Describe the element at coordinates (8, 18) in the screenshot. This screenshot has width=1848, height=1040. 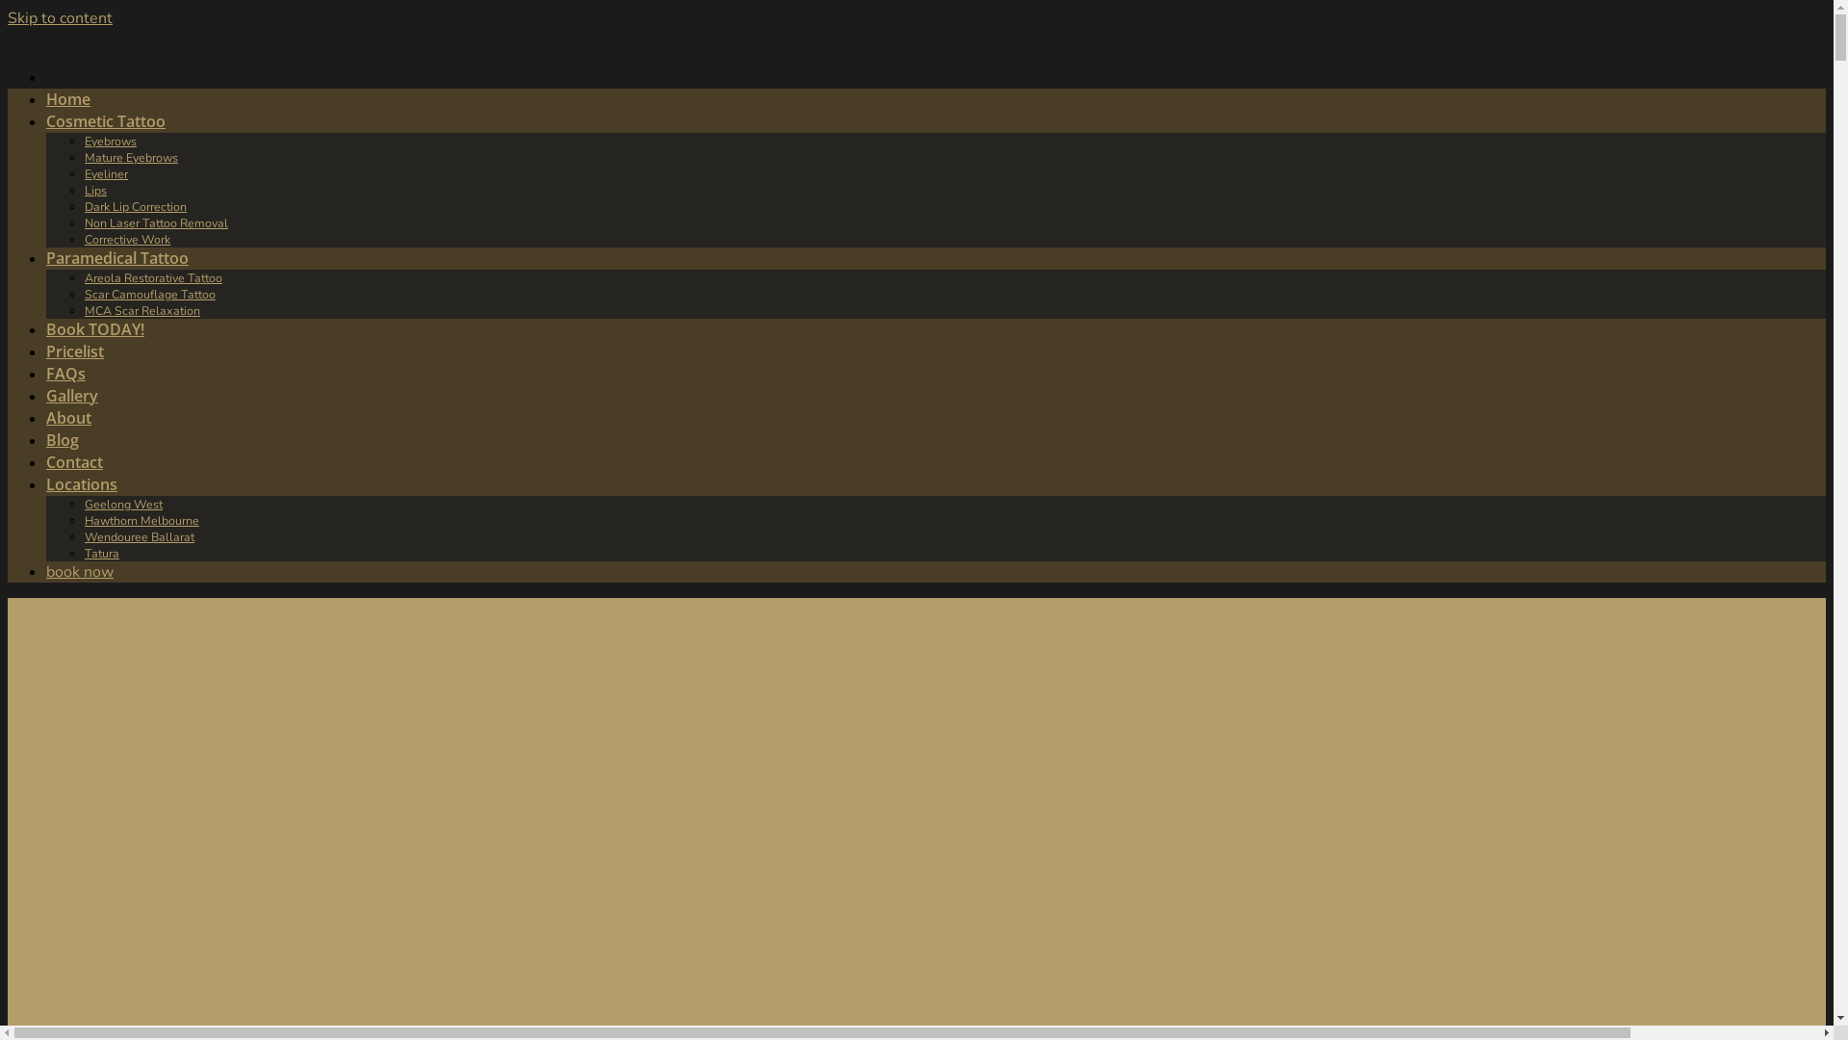
I see `'Skip to content'` at that location.